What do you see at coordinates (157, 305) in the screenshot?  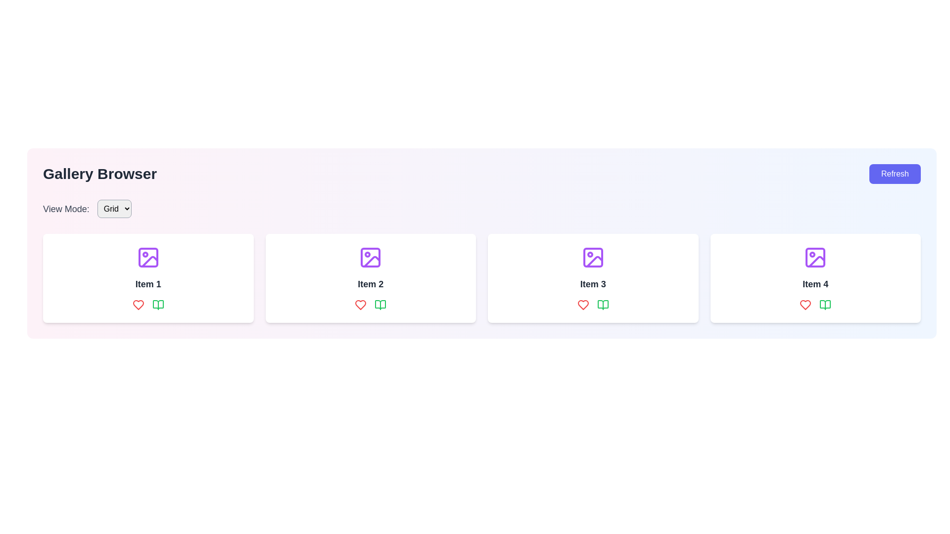 I see `the open book SVG icon` at bounding box center [157, 305].